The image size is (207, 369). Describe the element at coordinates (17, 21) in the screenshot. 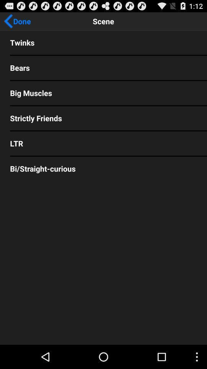

I see `the done at the top left corner` at that location.